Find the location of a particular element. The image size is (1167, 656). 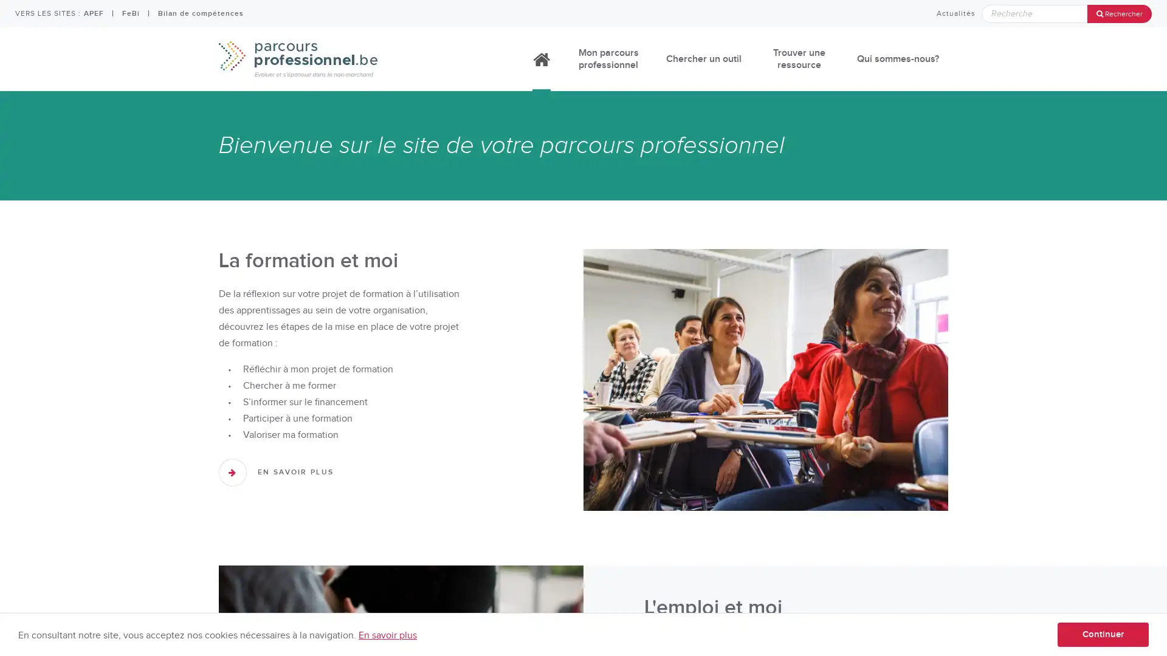

Rechercher is located at coordinates (1119, 13).